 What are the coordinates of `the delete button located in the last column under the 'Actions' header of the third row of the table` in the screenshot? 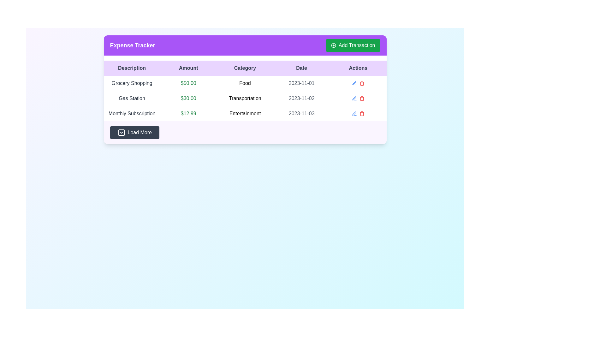 It's located at (362, 113).